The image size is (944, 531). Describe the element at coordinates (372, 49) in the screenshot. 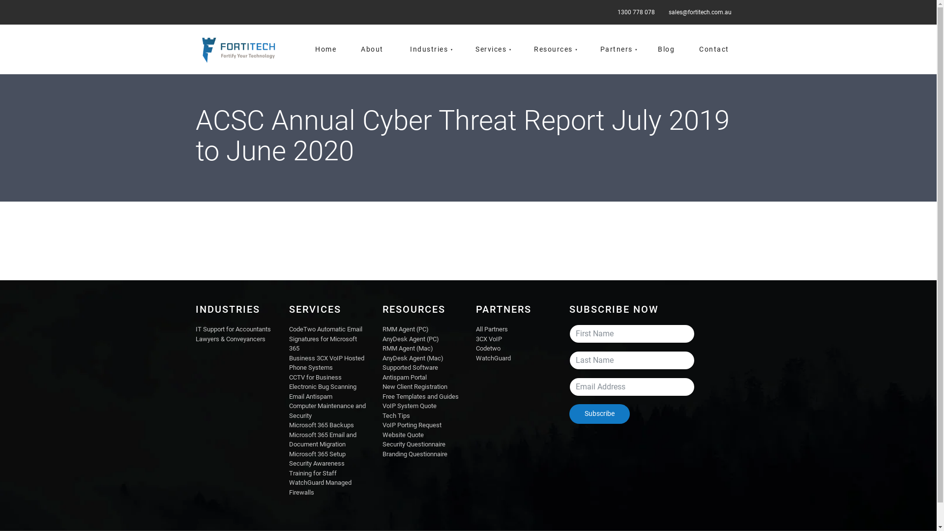

I see `'About'` at that location.